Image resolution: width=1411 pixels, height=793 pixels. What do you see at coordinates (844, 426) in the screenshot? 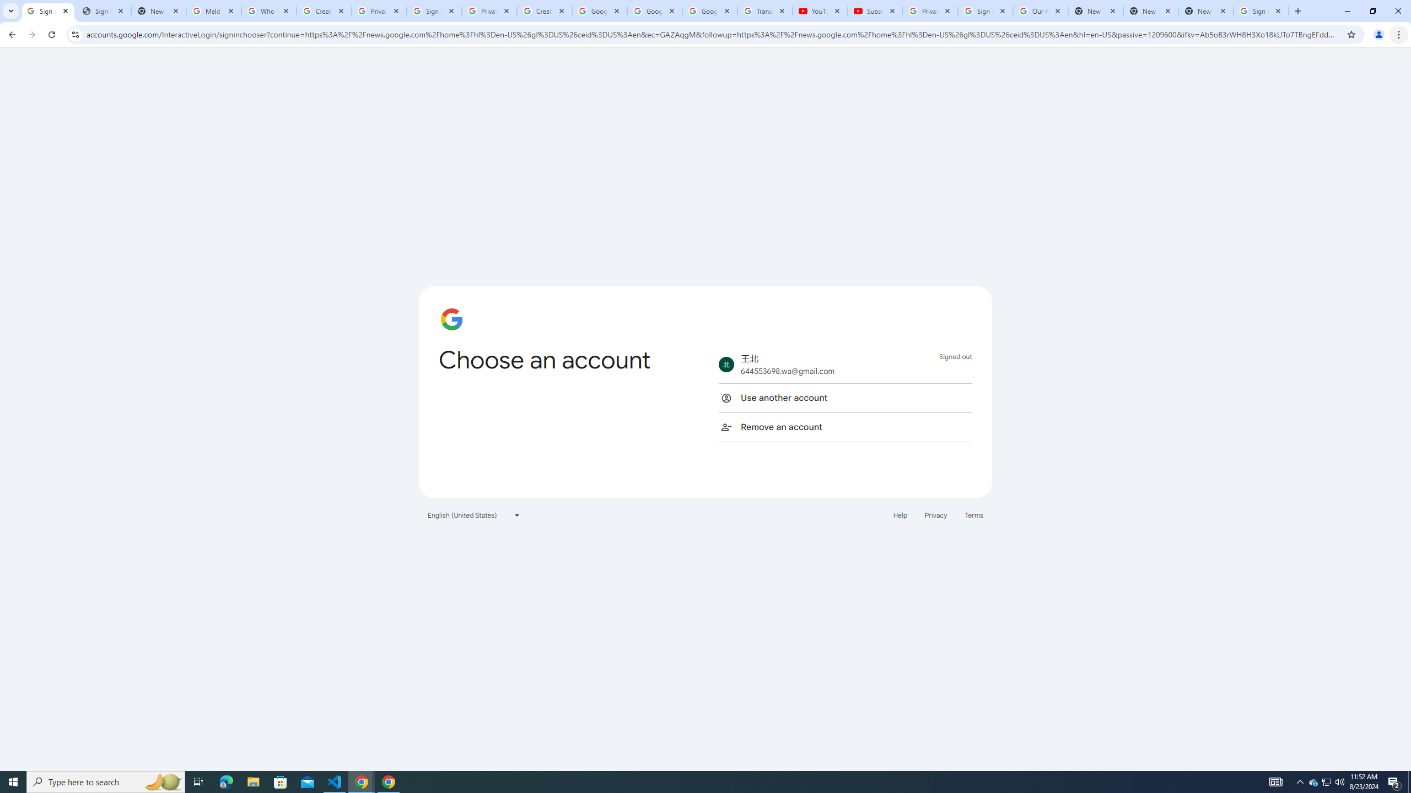
I see `'Remove an account'` at bounding box center [844, 426].